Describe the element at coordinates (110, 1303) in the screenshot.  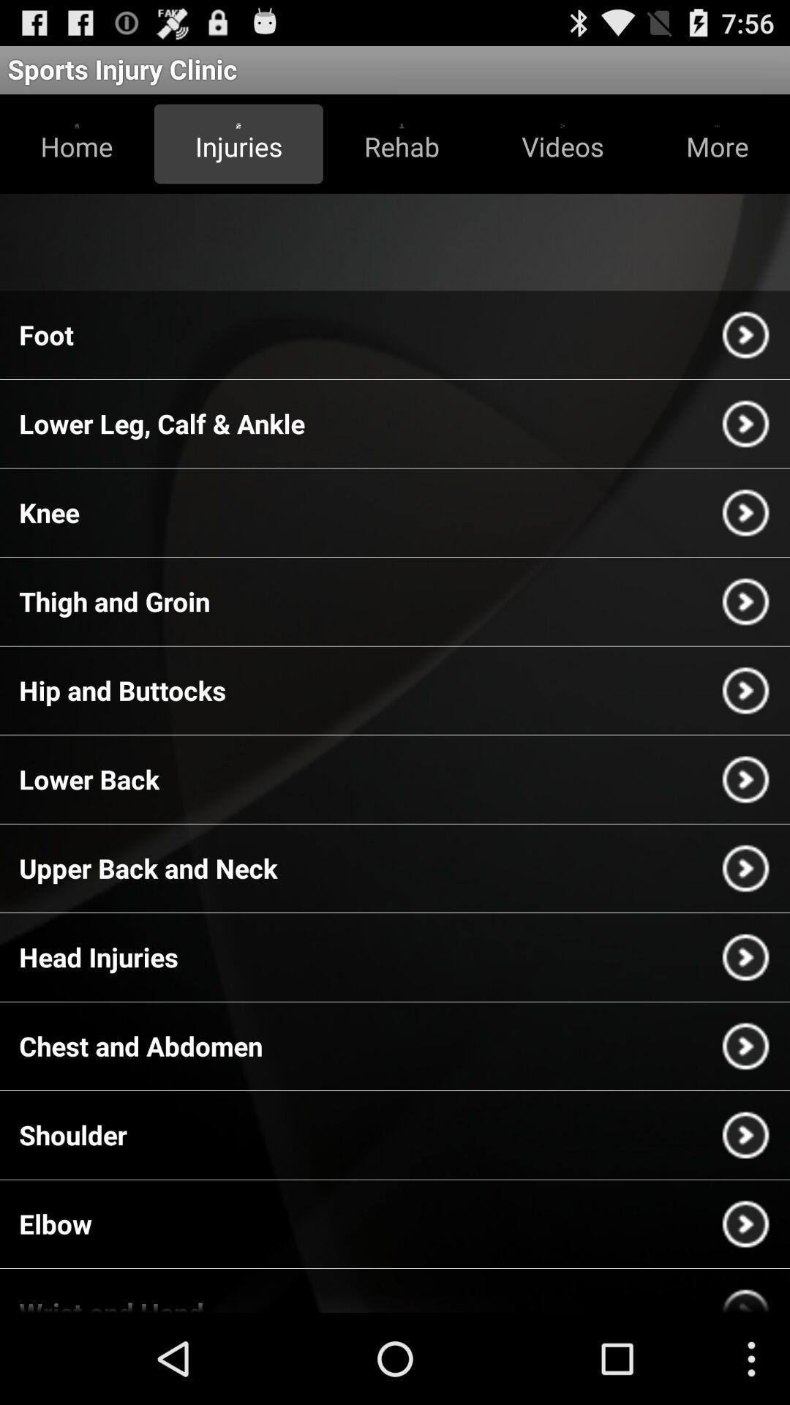
I see `the wrist and hand` at that location.